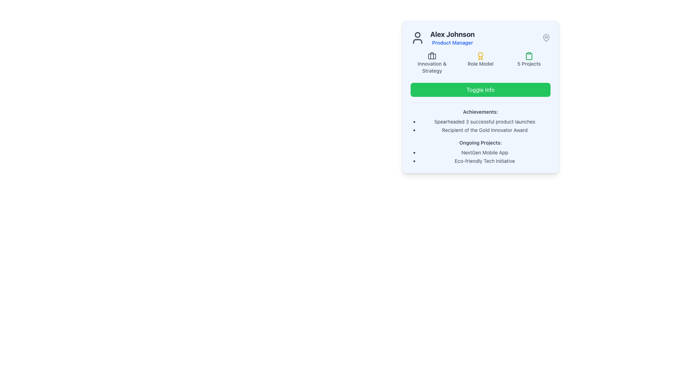 The height and width of the screenshot is (379, 675). What do you see at coordinates (480, 157) in the screenshot?
I see `the second list item under the 'Ongoing Projects:' section, which contains the text entries 'NextGen Mobile App' and 'Eco-friendly Tech Initiative' on a light blue background` at bounding box center [480, 157].